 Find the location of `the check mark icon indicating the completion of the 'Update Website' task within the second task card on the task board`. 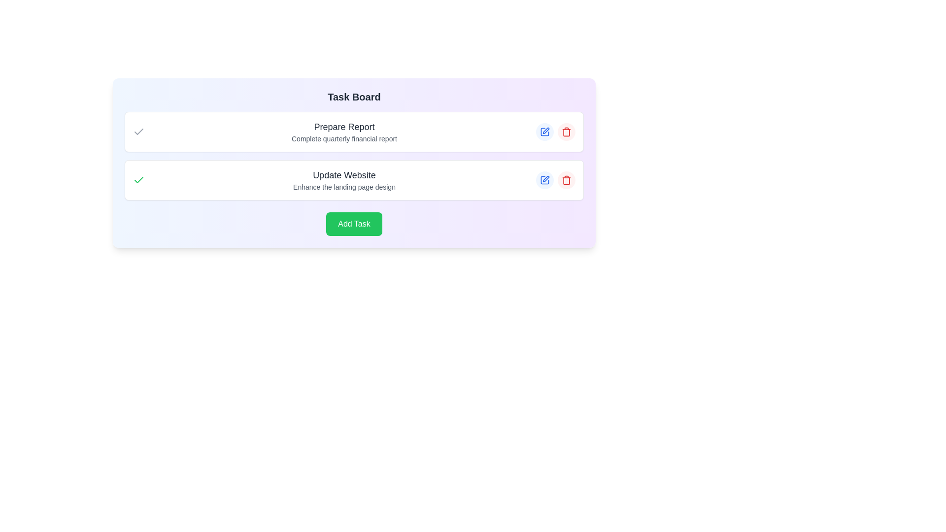

the check mark icon indicating the completion of the 'Update Website' task within the second task card on the task board is located at coordinates (138, 180).